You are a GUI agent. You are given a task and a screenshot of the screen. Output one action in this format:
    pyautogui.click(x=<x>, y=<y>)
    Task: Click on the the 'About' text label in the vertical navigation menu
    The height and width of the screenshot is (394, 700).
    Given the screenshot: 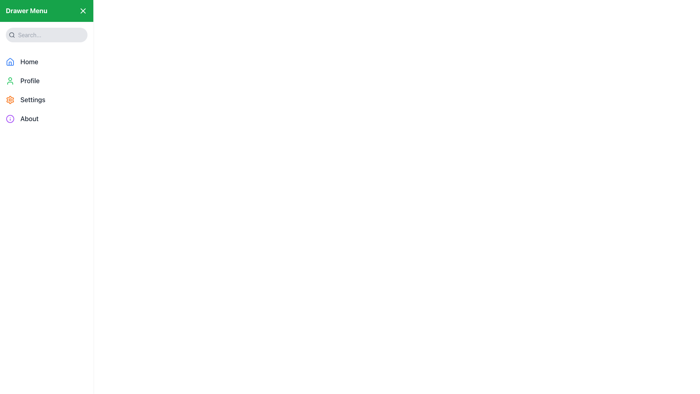 What is the action you would take?
    pyautogui.click(x=29, y=119)
    